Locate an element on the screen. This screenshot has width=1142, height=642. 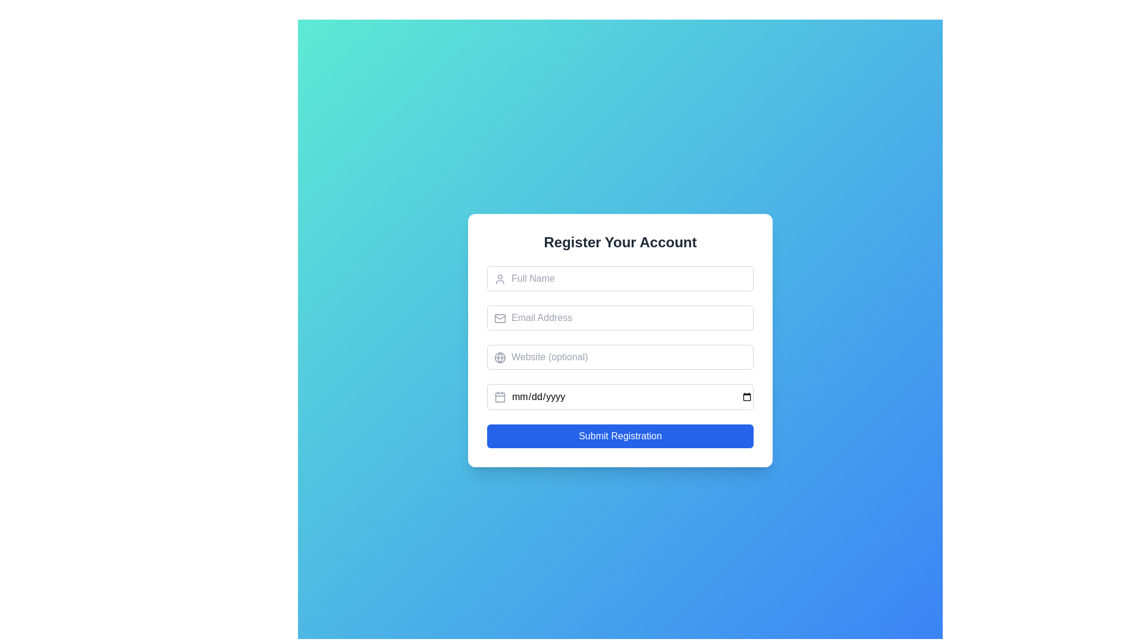
the SVG circle component representing a globe motif, located in the top-left corner of the 'Website (optional)' input field is located at coordinates (500, 357).